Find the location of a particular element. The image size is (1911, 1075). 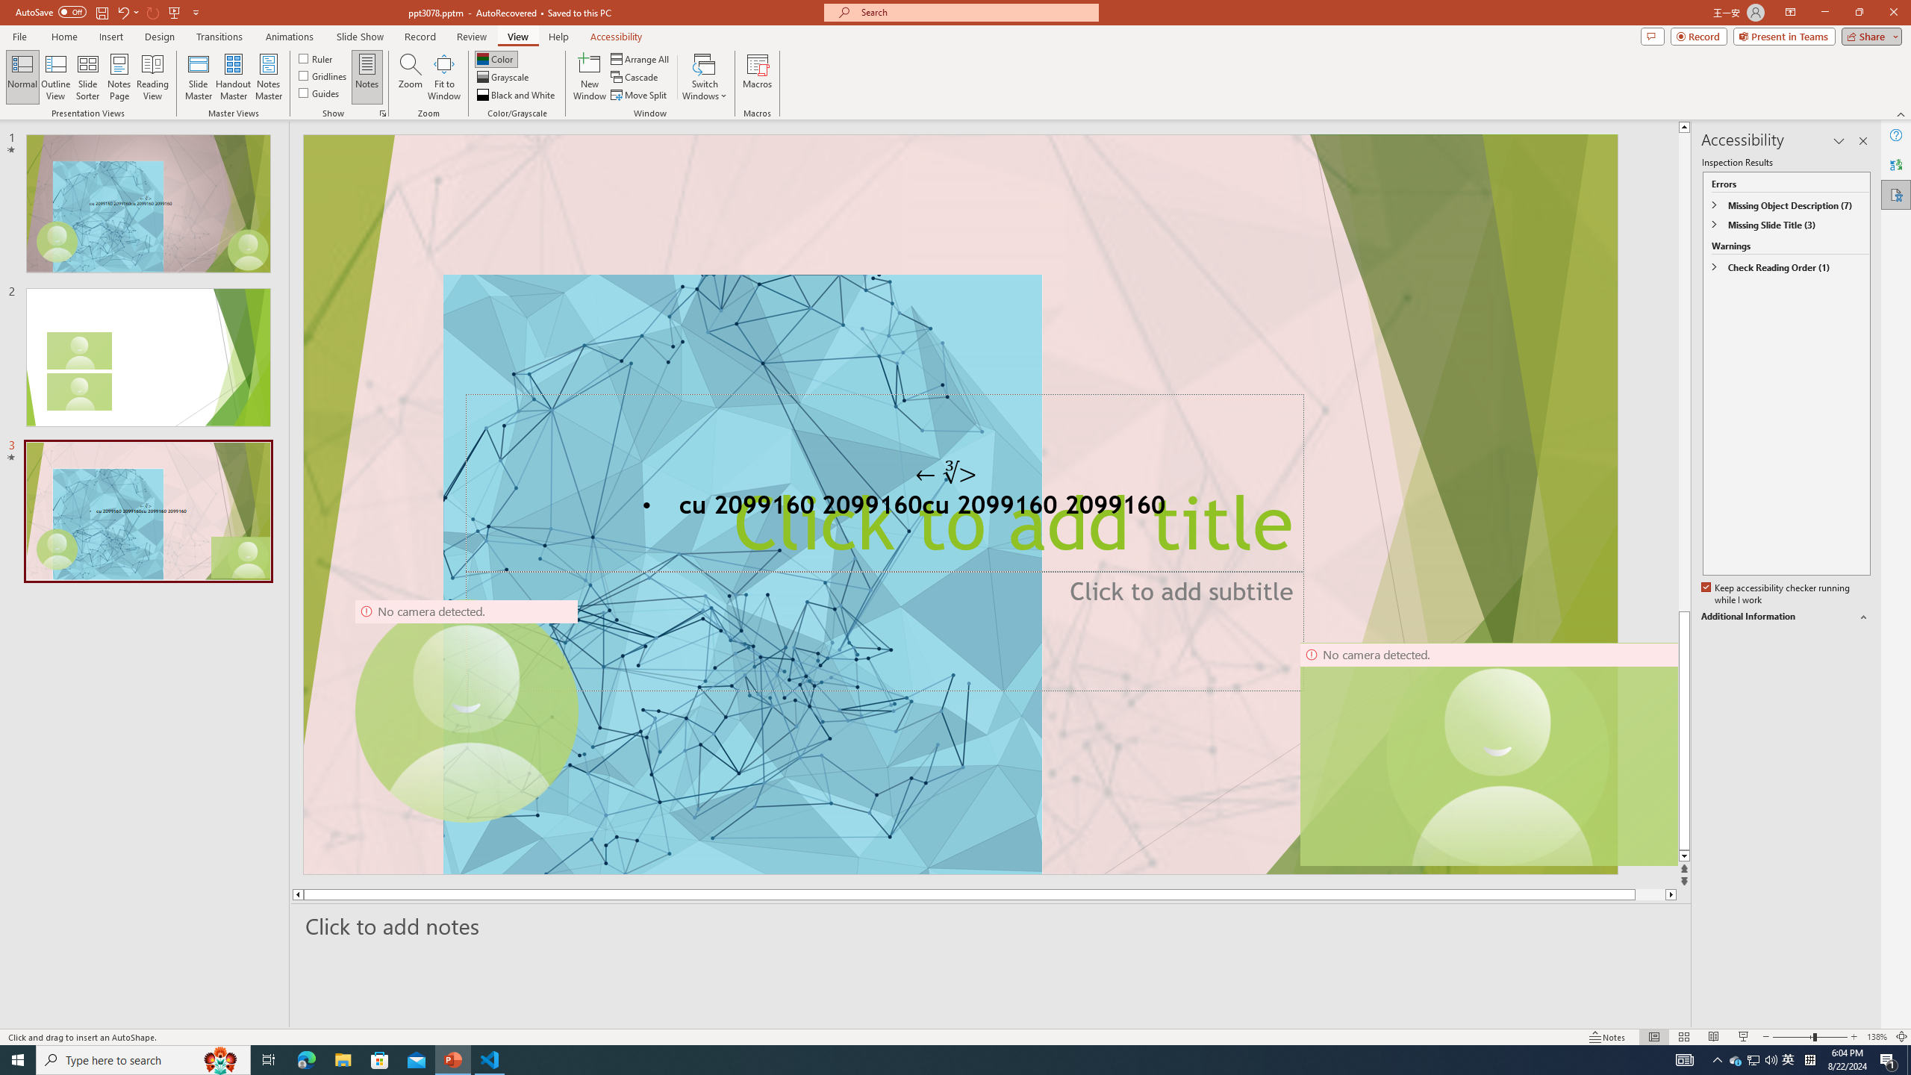

'Camera 14, No camera detected.' is located at coordinates (1488, 754).